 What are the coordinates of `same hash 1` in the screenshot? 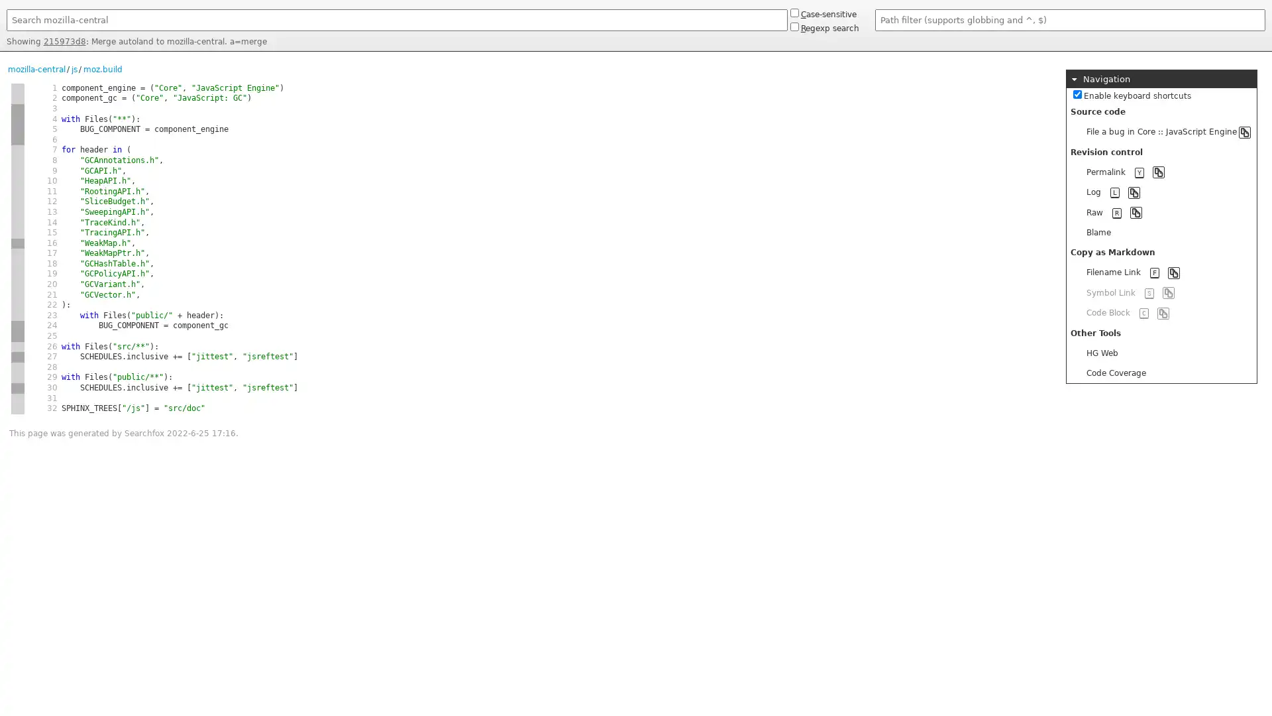 It's located at (18, 160).